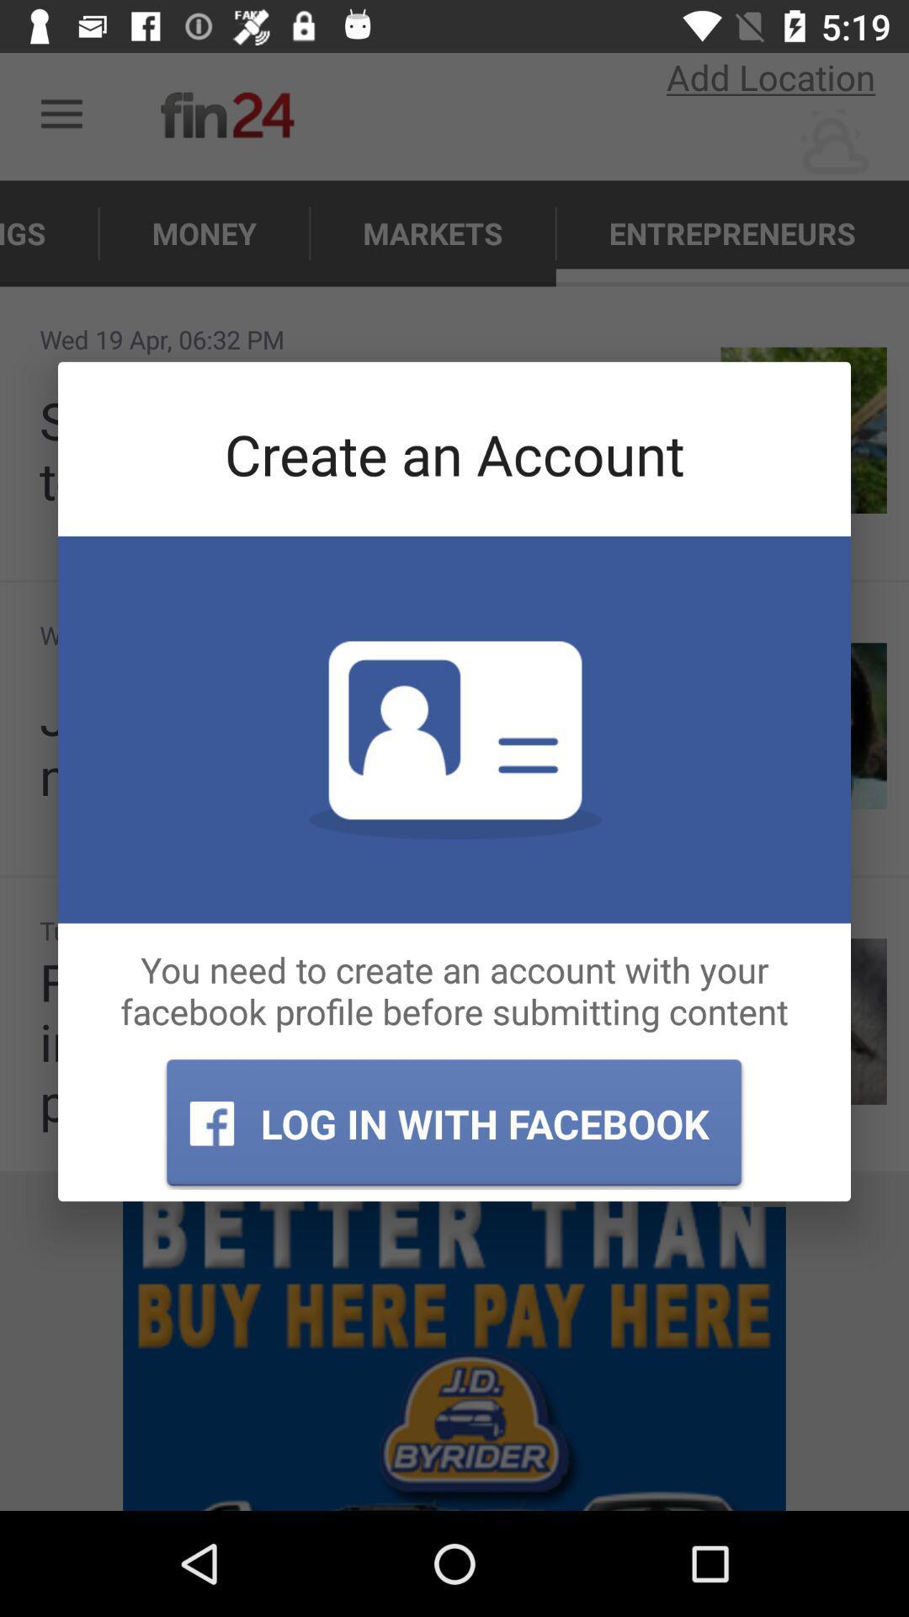 Image resolution: width=909 pixels, height=1617 pixels. Describe the element at coordinates (453, 1123) in the screenshot. I see `icon below the you need to icon` at that location.